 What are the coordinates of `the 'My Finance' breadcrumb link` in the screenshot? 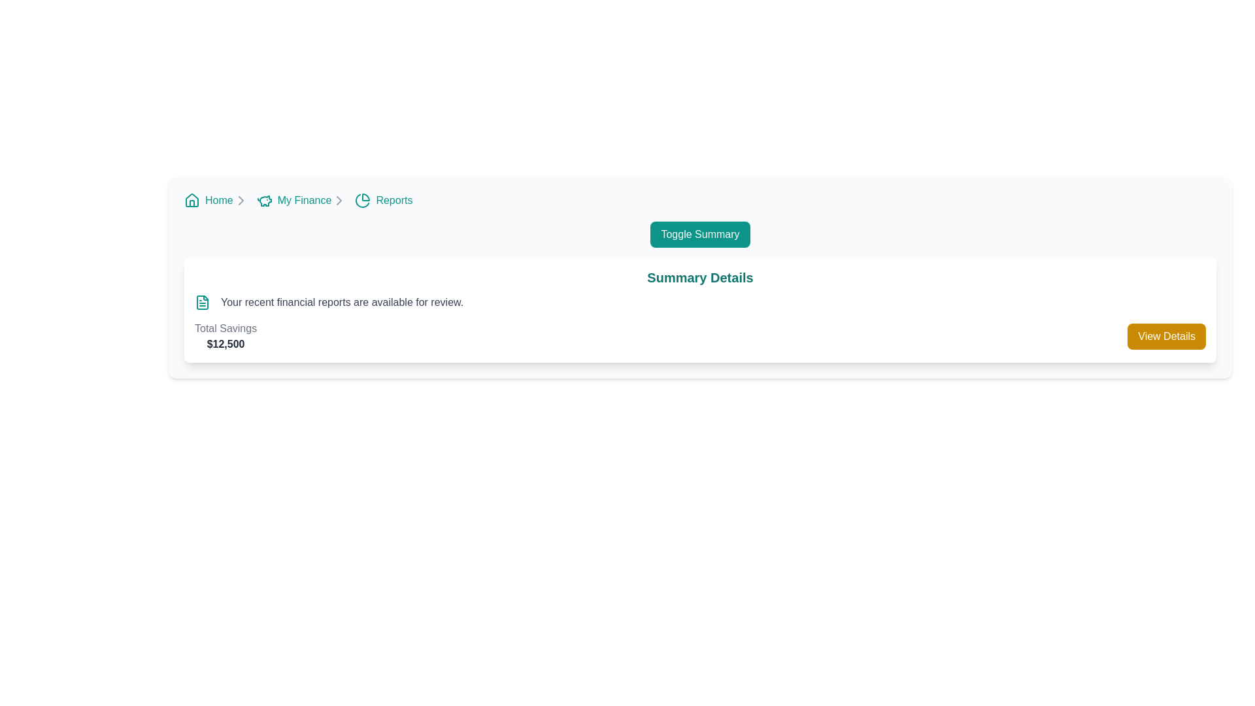 It's located at (301, 201).